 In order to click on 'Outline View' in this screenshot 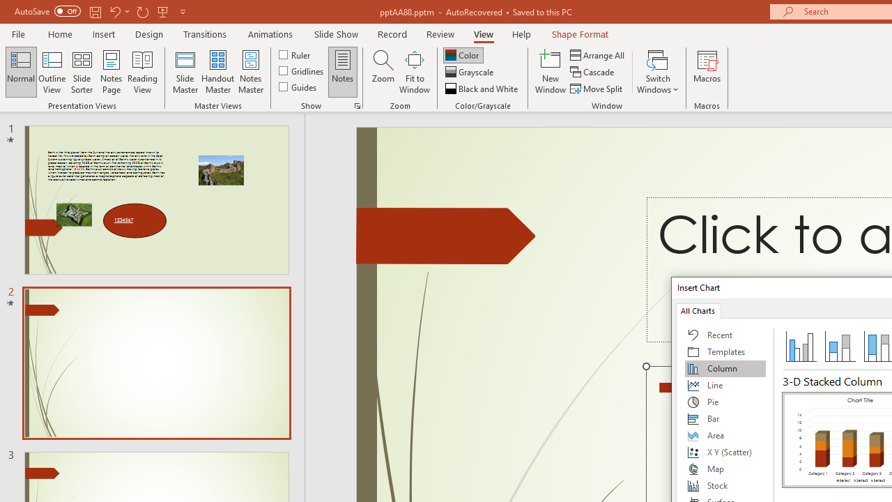, I will do `click(52, 72)`.